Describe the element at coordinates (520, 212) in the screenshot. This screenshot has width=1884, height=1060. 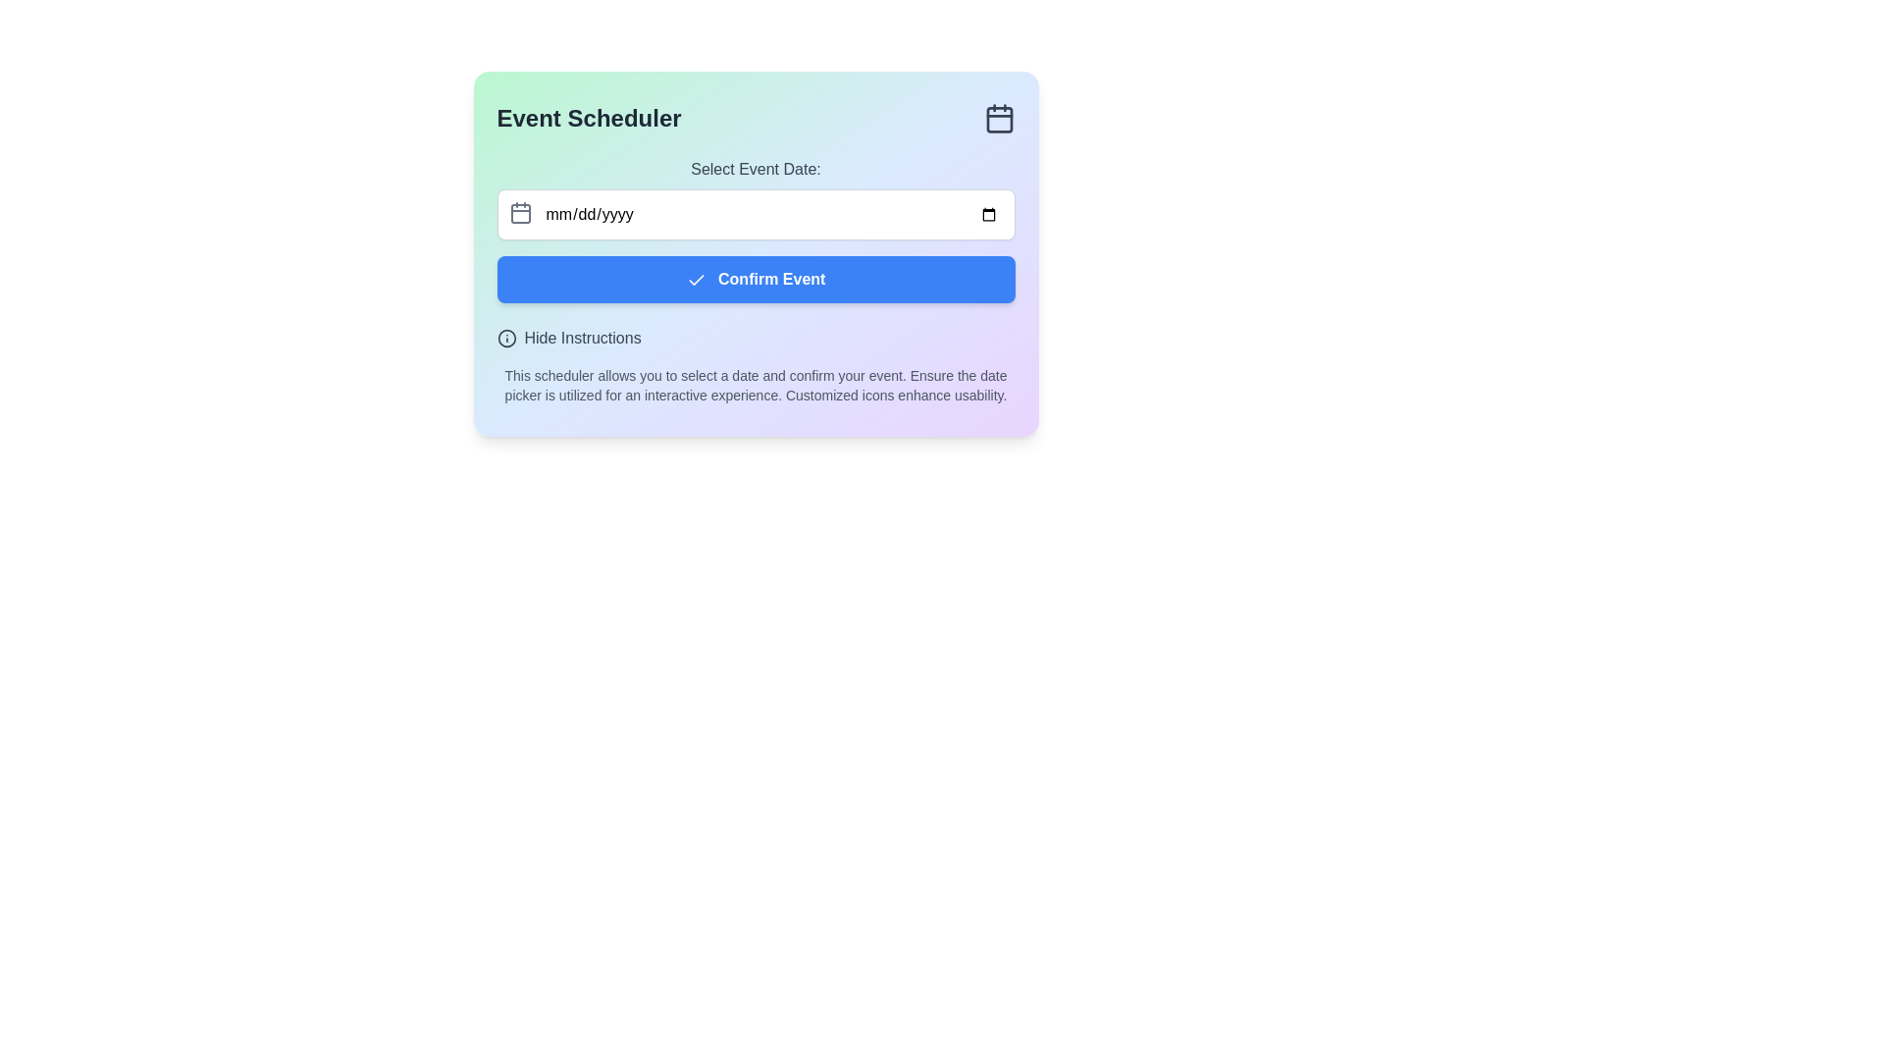
I see `the calendar icon located at the left end of the date input field labeled 'Select Event Date:' in the Event Scheduler interface` at that location.